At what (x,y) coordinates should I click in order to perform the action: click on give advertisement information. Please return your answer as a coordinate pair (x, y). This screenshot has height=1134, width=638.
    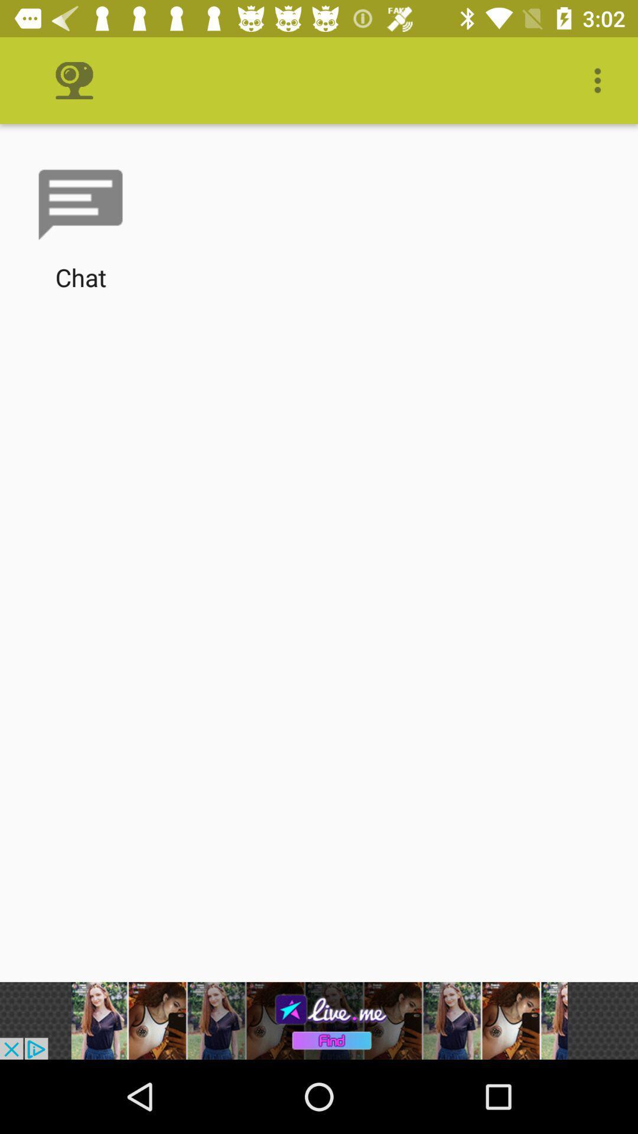
    Looking at the image, I should click on (319, 1020).